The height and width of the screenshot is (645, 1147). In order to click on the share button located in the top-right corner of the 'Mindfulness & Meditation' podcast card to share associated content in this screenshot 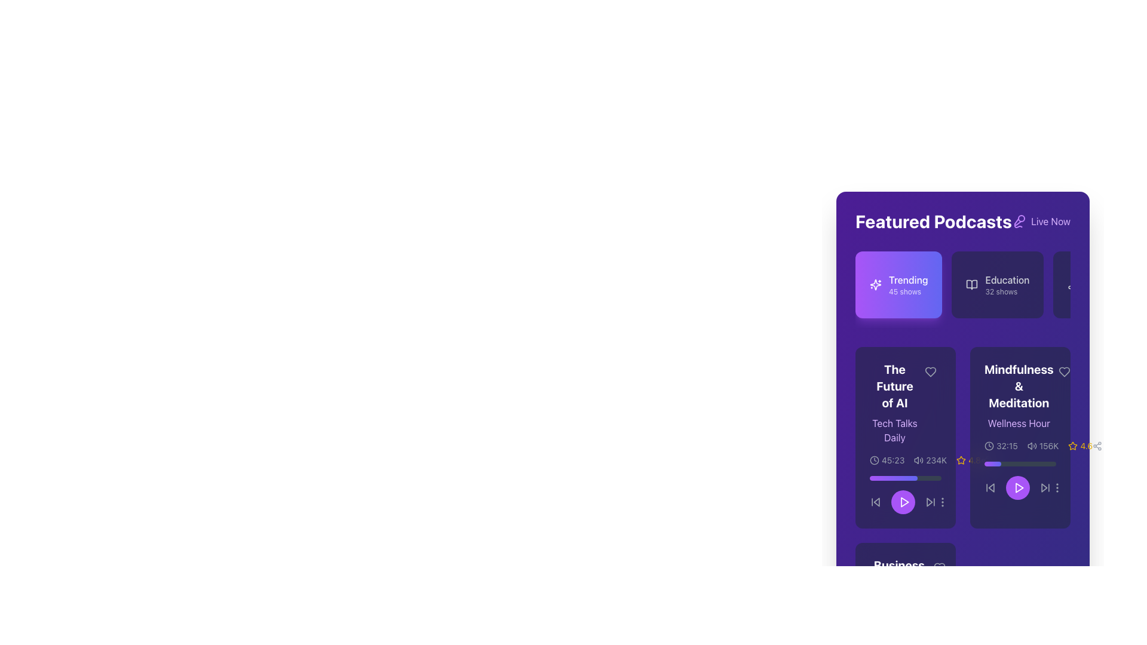, I will do `click(985, 460)`.